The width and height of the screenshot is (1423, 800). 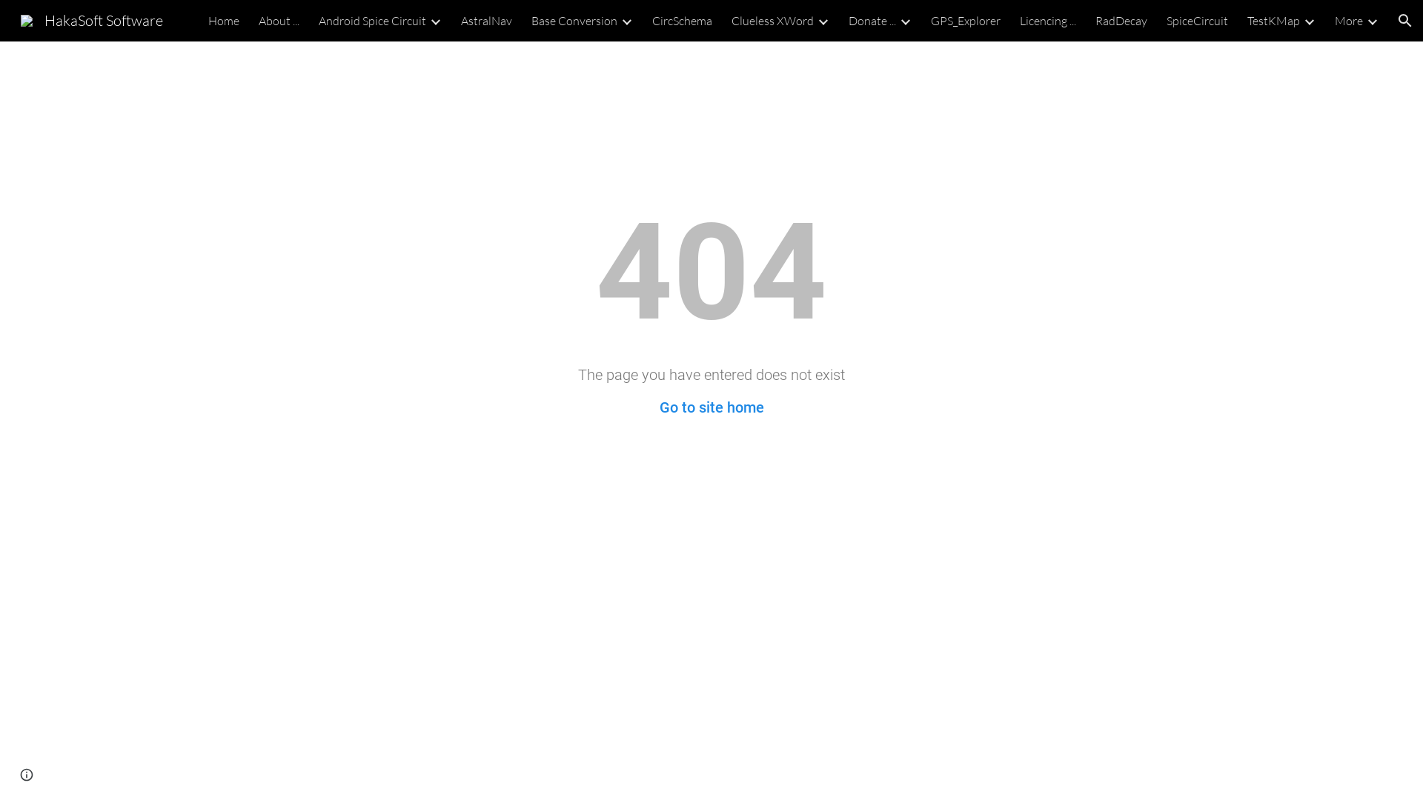 What do you see at coordinates (1371, 20) in the screenshot?
I see `'Expand/Collapse'` at bounding box center [1371, 20].